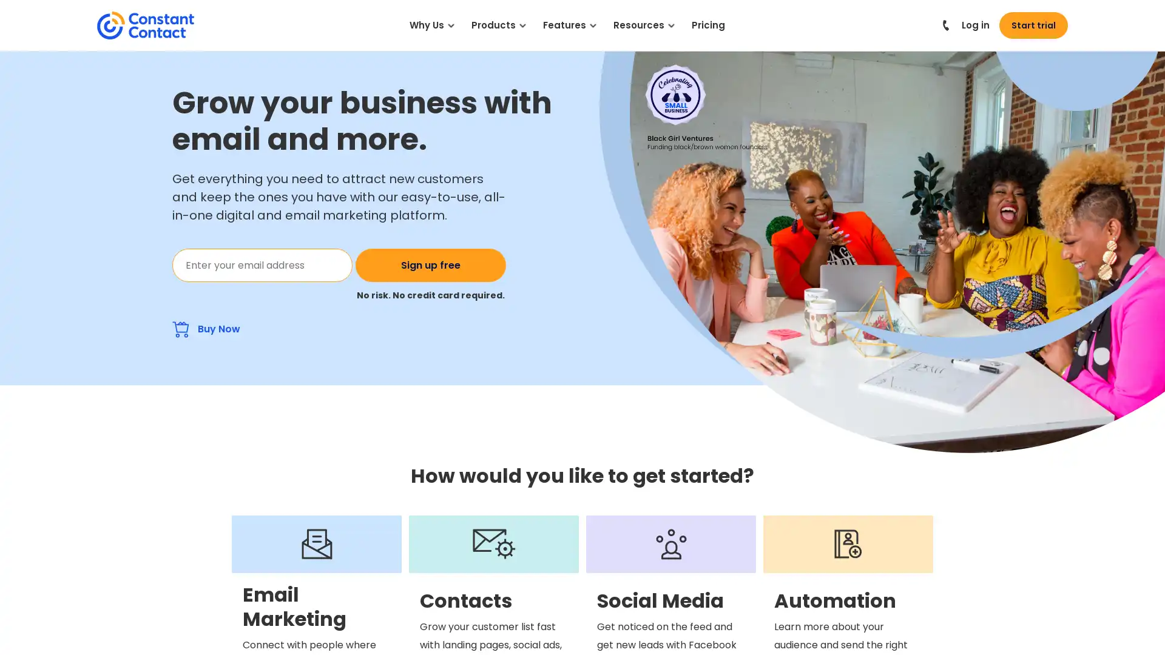  What do you see at coordinates (745, 153) in the screenshot?
I see `Advance to the next slide` at bounding box center [745, 153].